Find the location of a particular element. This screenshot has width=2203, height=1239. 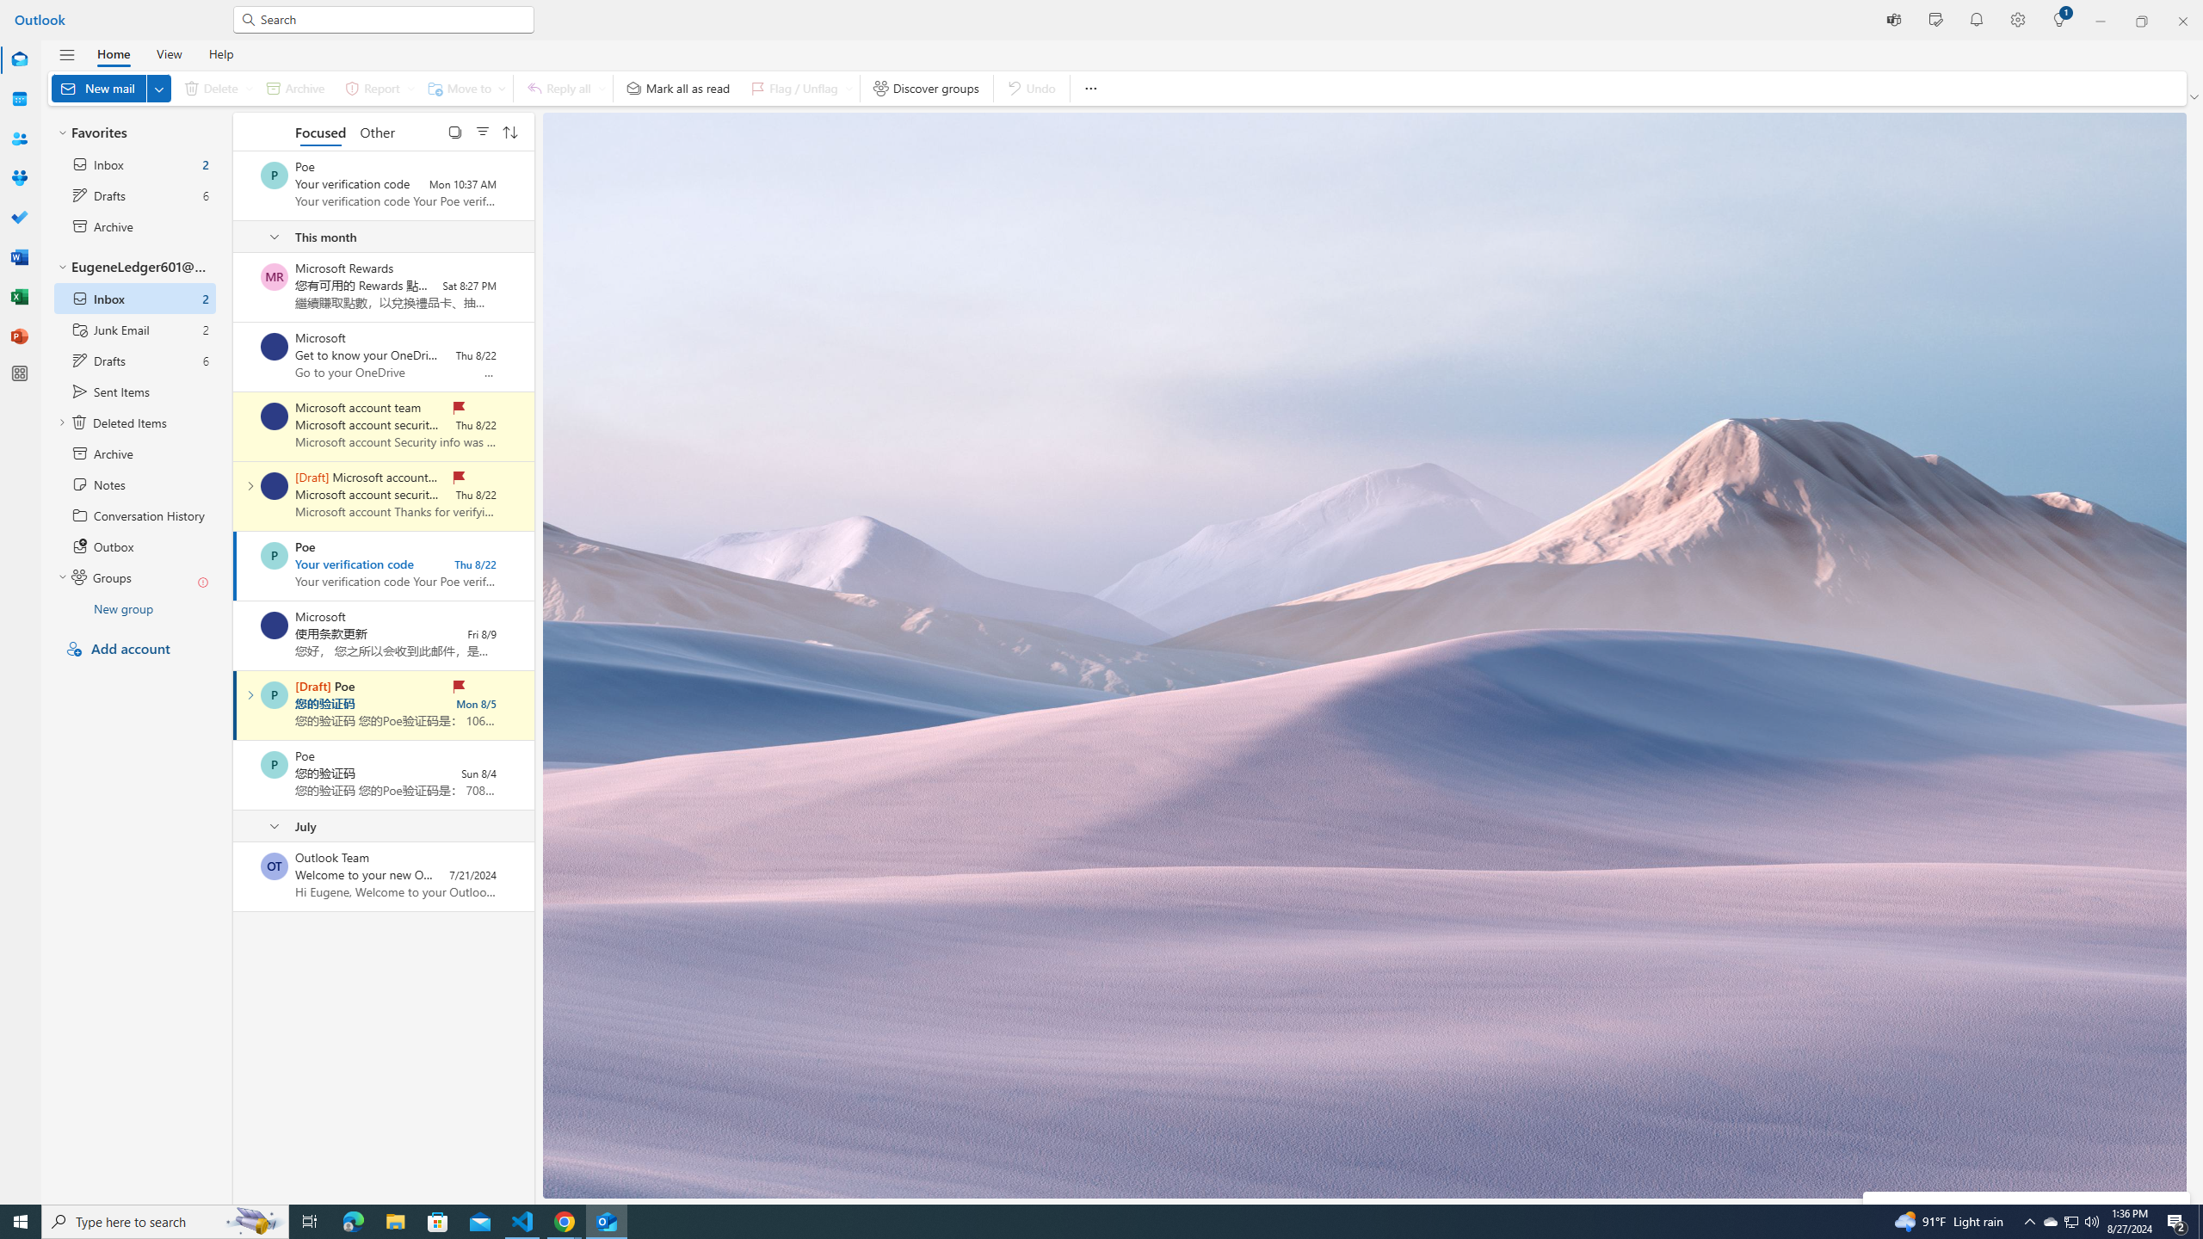

'Expand to see delete options' is located at coordinates (249, 88).